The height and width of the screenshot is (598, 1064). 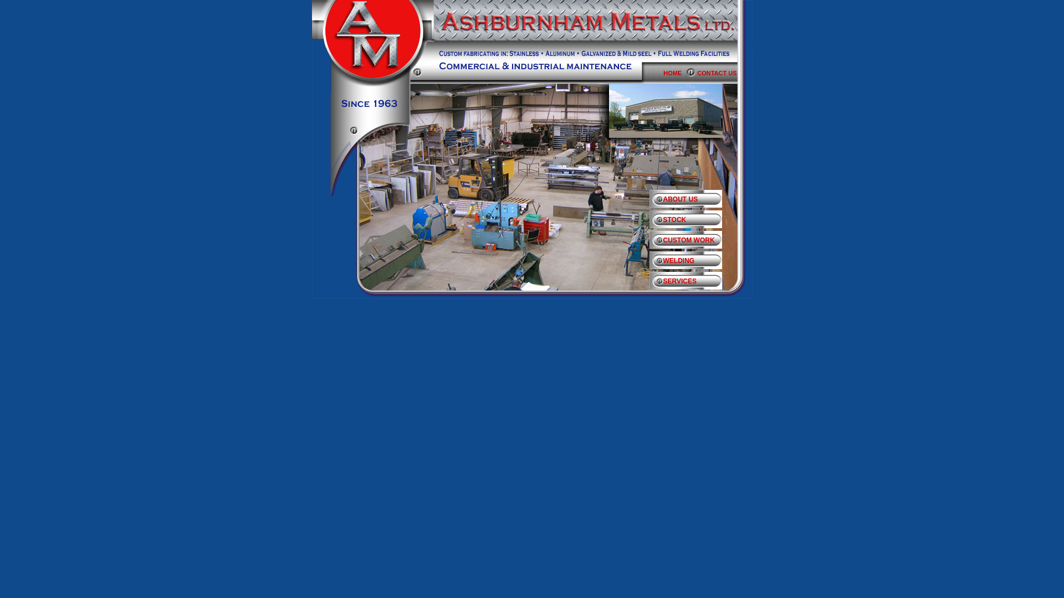 What do you see at coordinates (649, 201) in the screenshot?
I see `'ABOUT US'` at bounding box center [649, 201].